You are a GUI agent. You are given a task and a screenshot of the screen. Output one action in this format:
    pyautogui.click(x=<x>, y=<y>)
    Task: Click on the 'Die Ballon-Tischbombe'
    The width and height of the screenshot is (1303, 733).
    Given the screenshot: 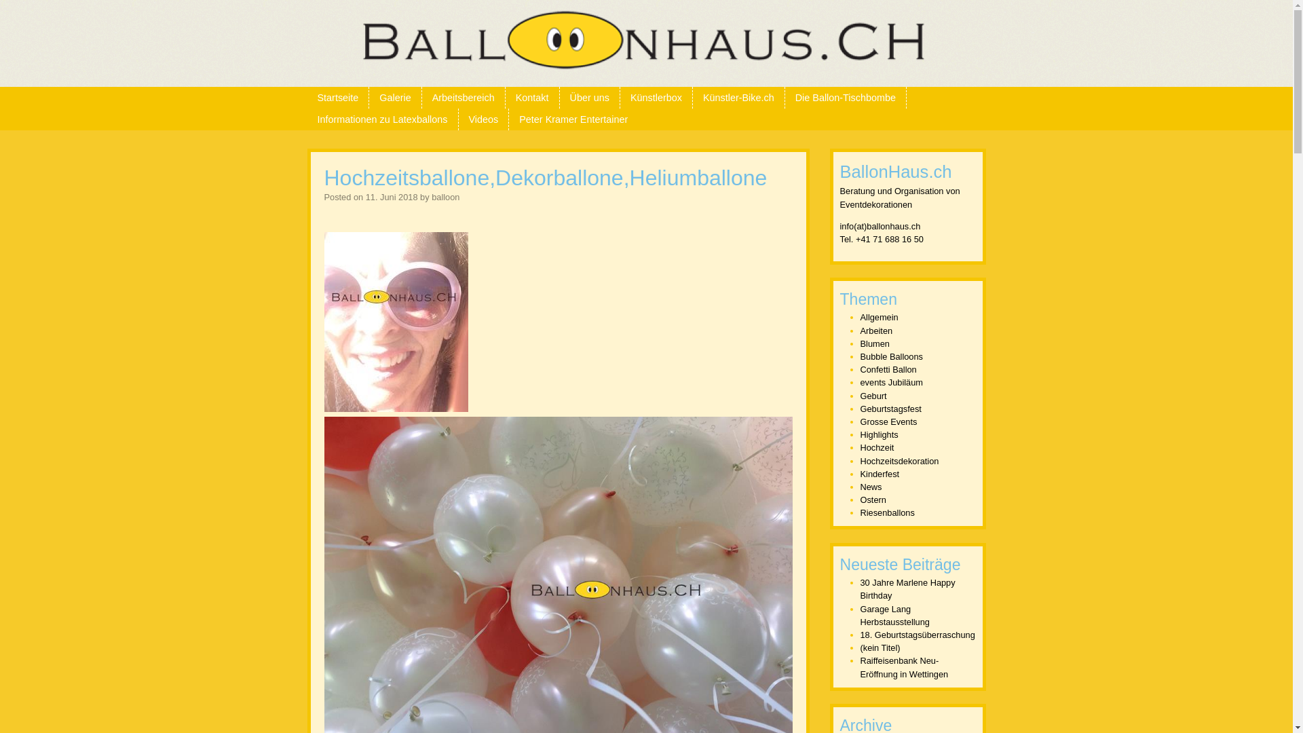 What is the action you would take?
    pyautogui.click(x=845, y=96)
    